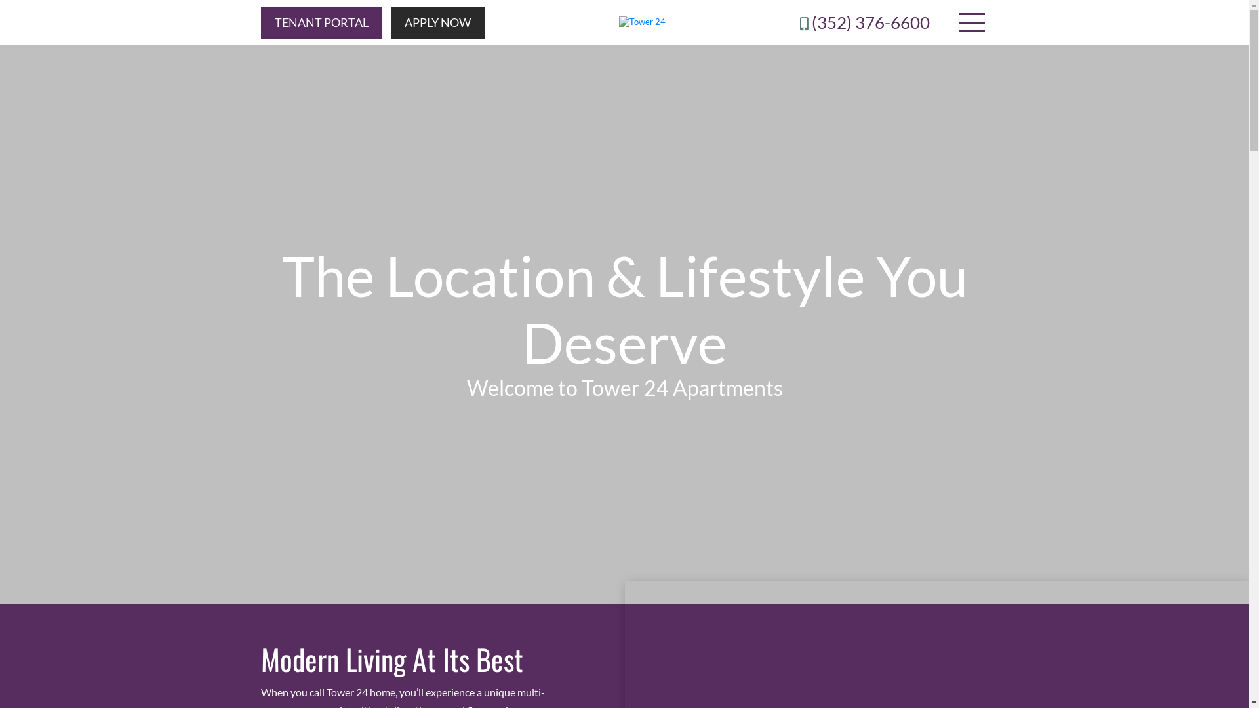 This screenshot has height=708, width=1259. What do you see at coordinates (321, 22) in the screenshot?
I see `'TENANT PORTAL'` at bounding box center [321, 22].